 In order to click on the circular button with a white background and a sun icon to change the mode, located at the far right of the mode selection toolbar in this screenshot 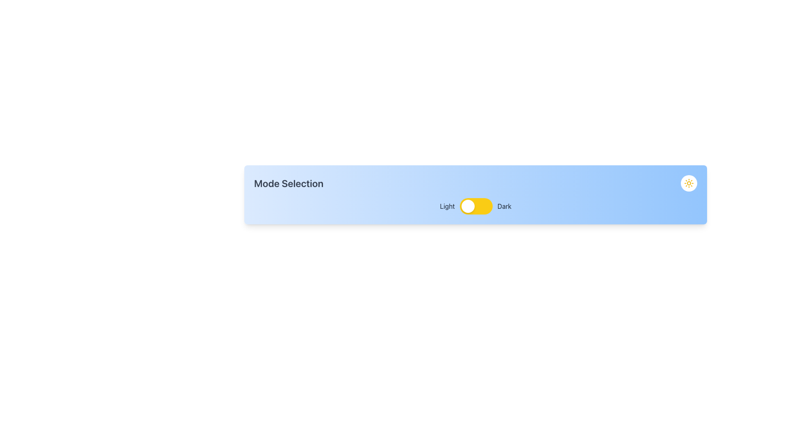, I will do `click(689, 183)`.